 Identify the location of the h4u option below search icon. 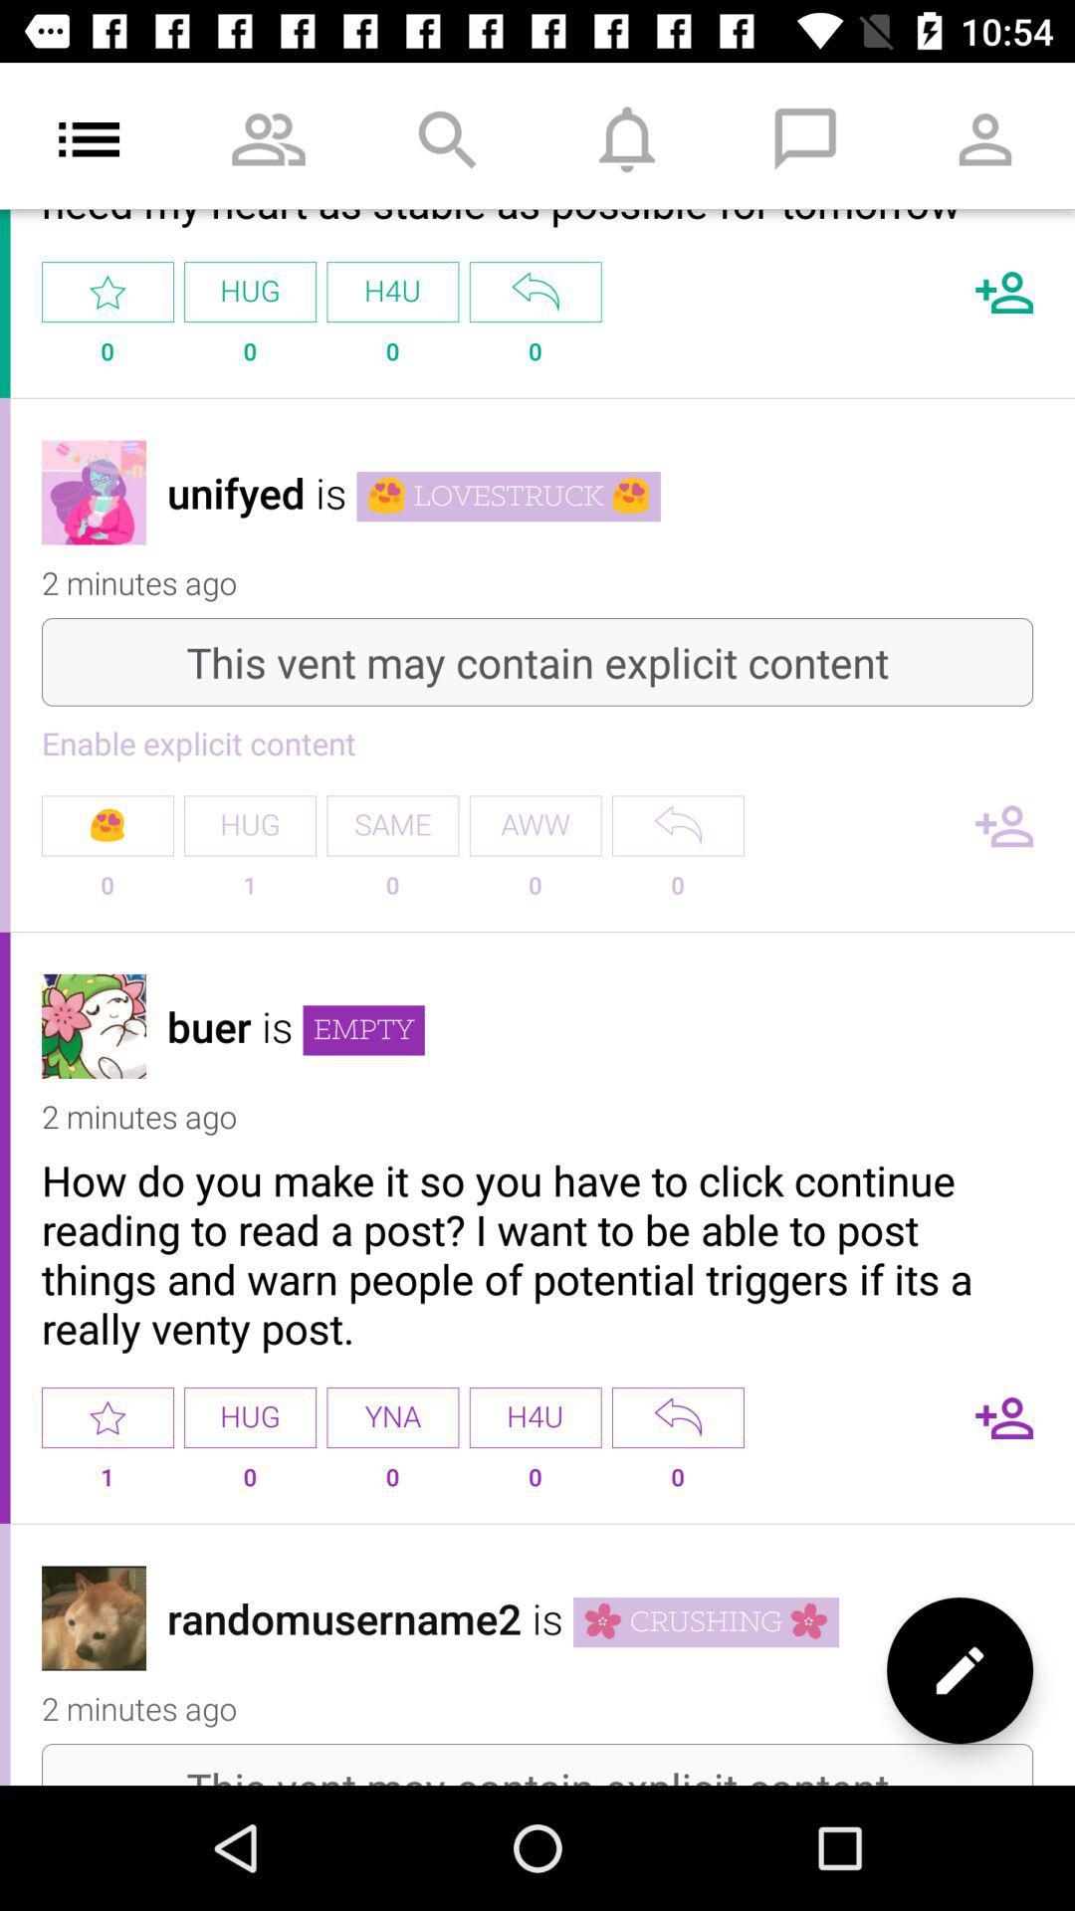
(392, 291).